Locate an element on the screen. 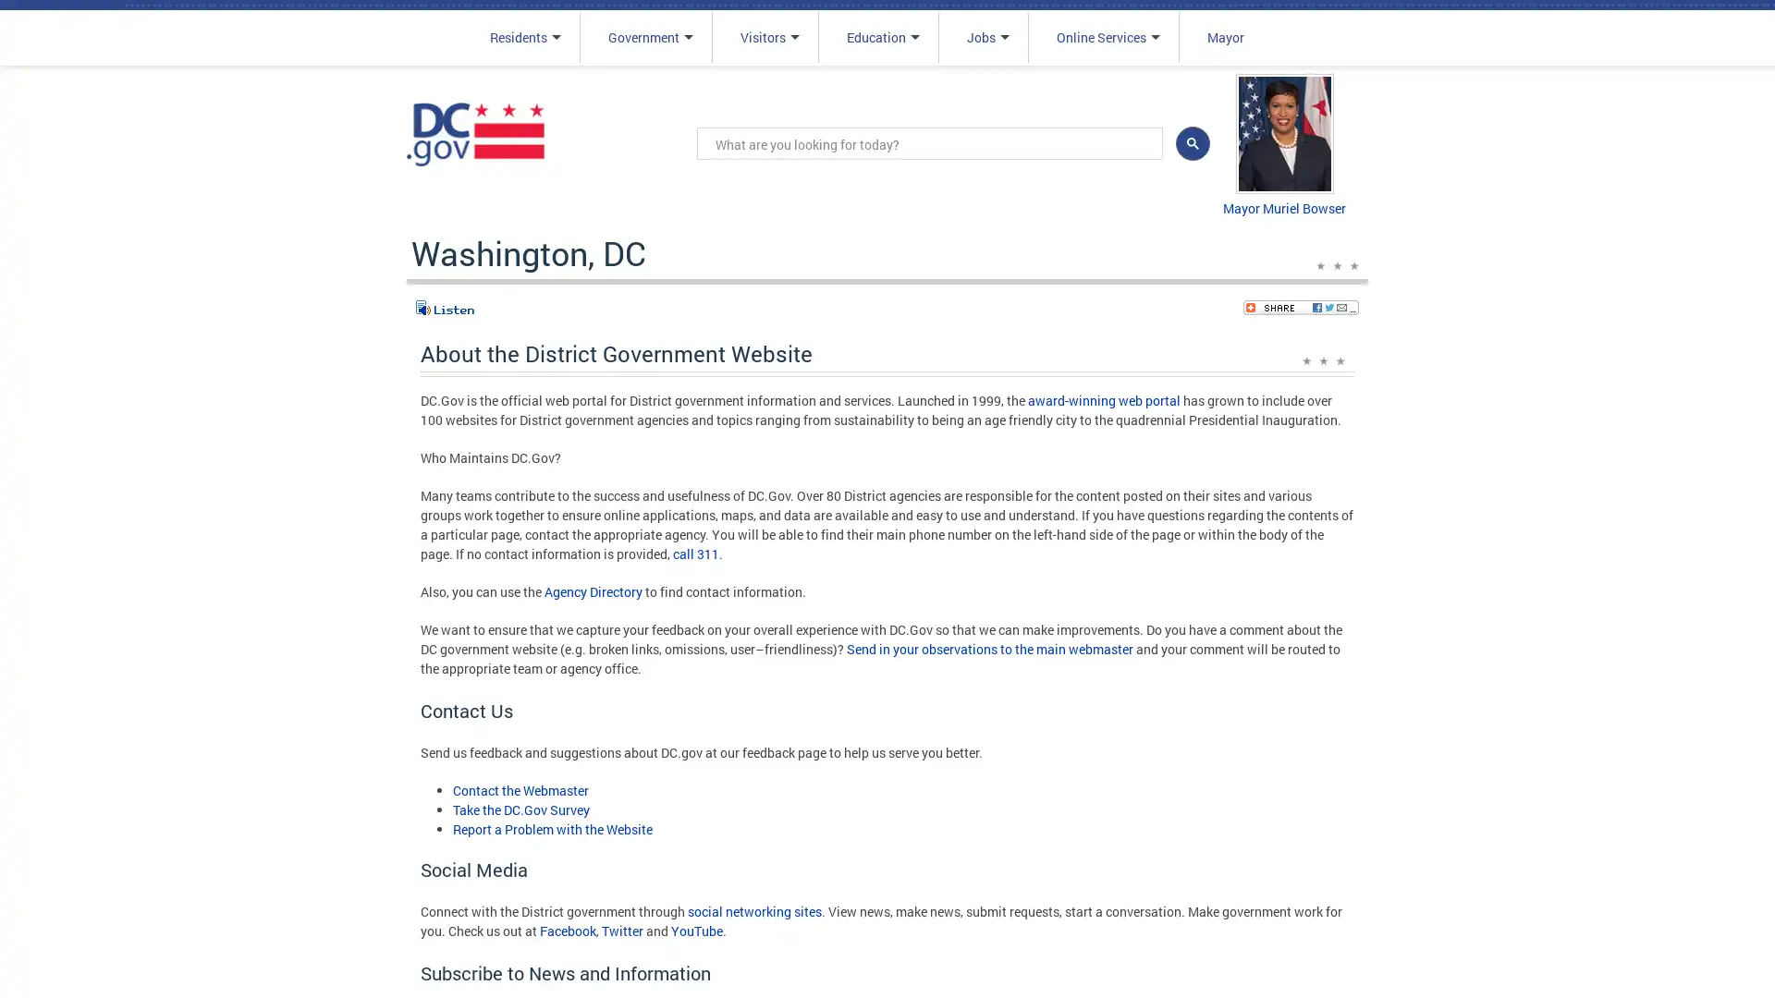 This screenshot has width=1775, height=998. search is located at coordinates (1193, 142).